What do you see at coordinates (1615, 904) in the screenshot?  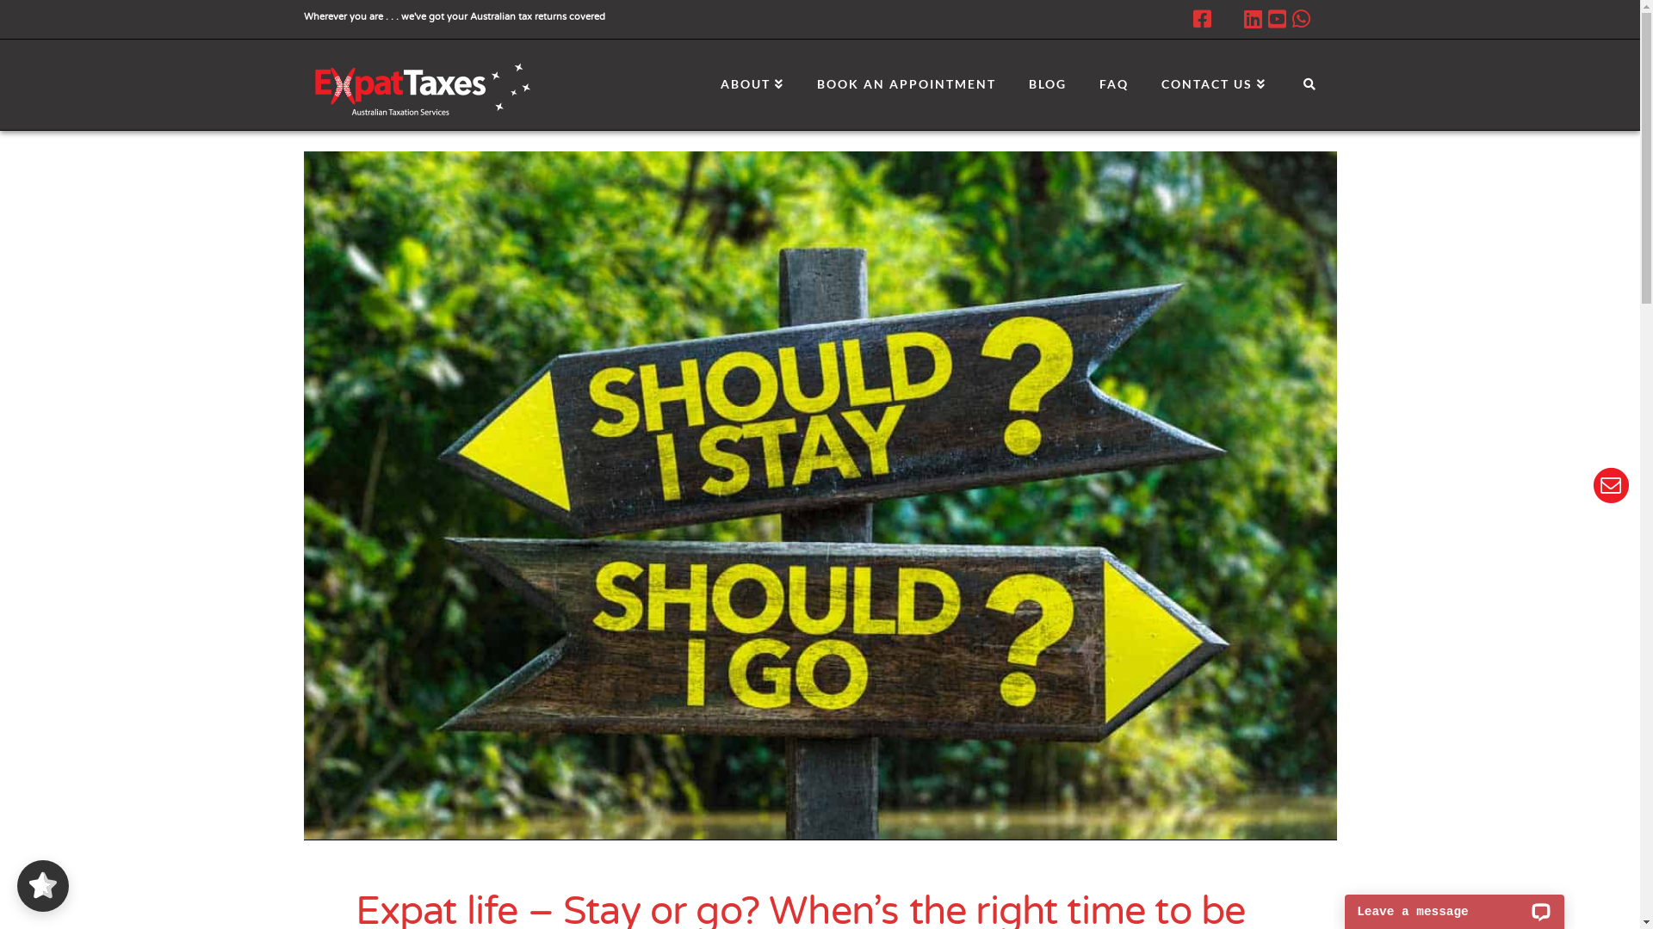 I see `'Back to Top'` at bounding box center [1615, 904].